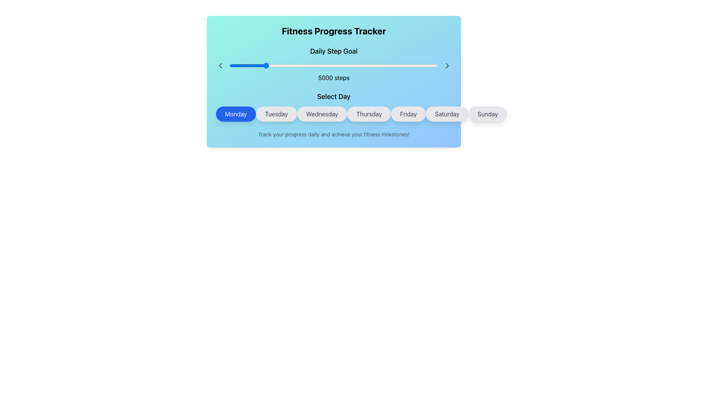  What do you see at coordinates (334, 30) in the screenshot?
I see `the static text header displaying 'Fitness Progress Tracker', which is a bold title text located at the top of the interface` at bounding box center [334, 30].